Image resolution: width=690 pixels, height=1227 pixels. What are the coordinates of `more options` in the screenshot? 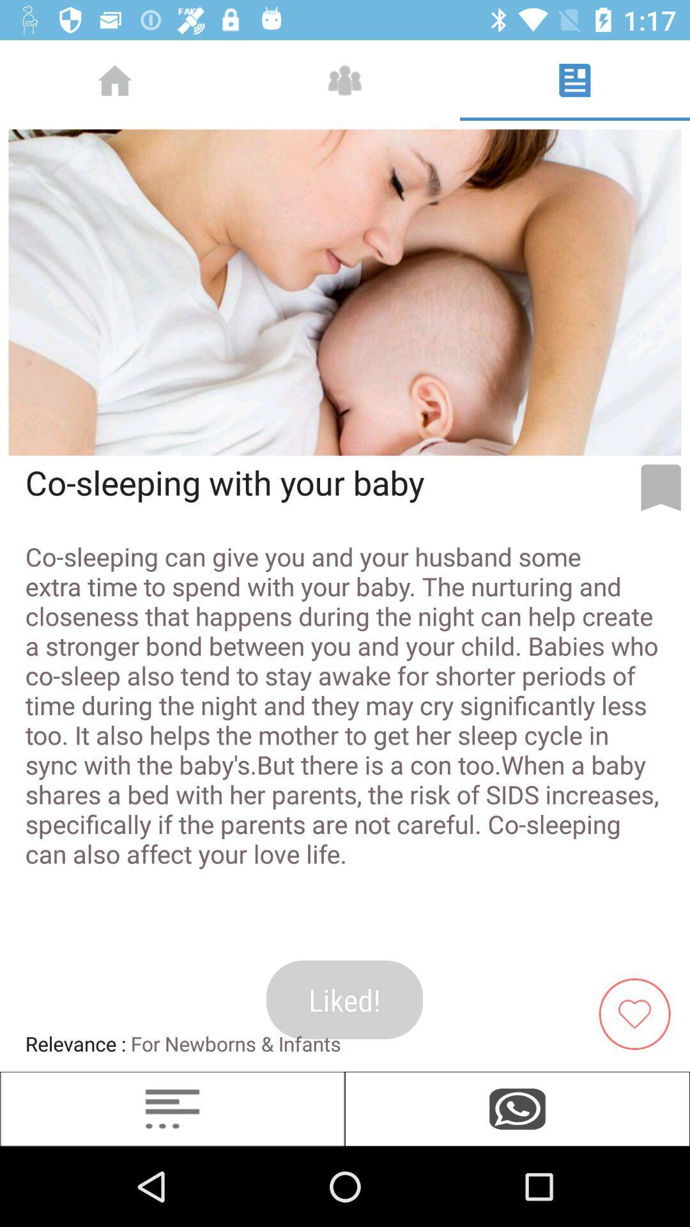 It's located at (172, 1108).